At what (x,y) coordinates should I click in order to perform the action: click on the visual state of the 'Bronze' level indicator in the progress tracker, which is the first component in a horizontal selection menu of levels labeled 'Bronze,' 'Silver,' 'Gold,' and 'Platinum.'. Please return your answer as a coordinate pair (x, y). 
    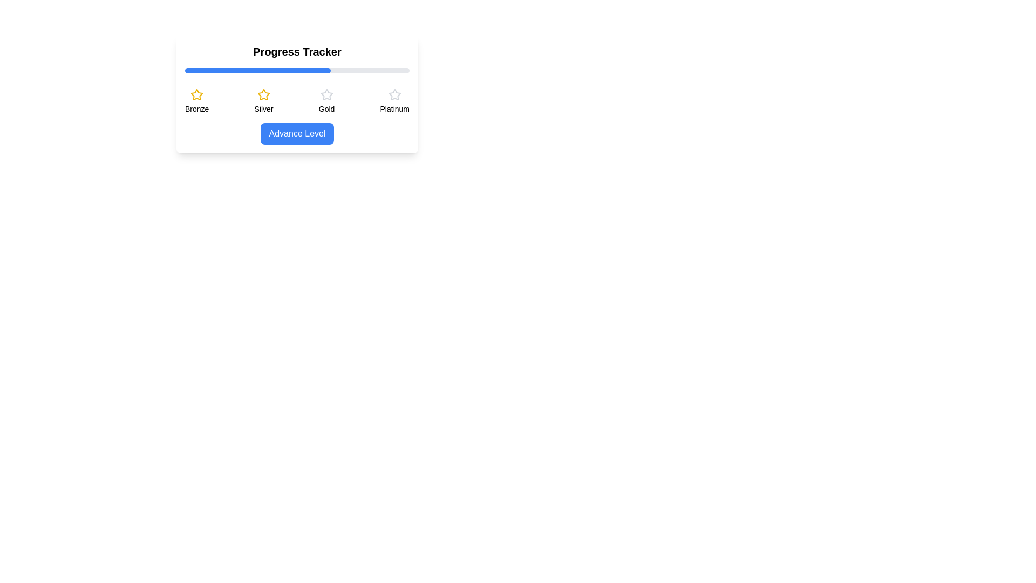
    Looking at the image, I should click on (197, 100).